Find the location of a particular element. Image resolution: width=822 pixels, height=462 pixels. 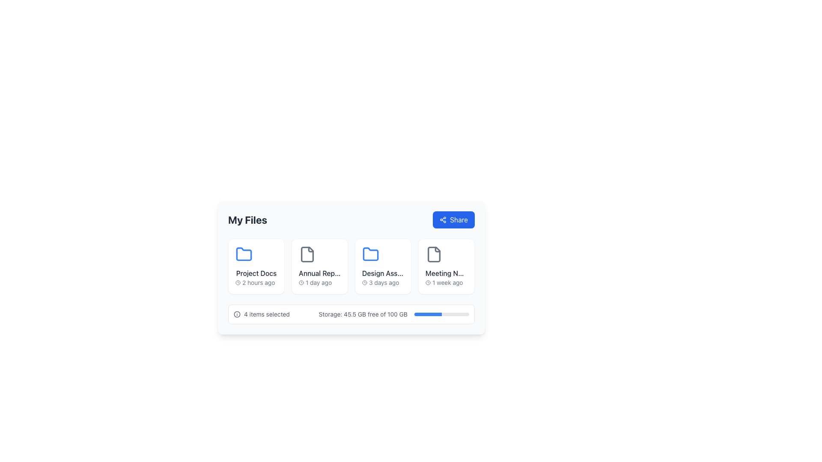

the folder icon representing the 'Design Assignment' file located is located at coordinates (370, 254).